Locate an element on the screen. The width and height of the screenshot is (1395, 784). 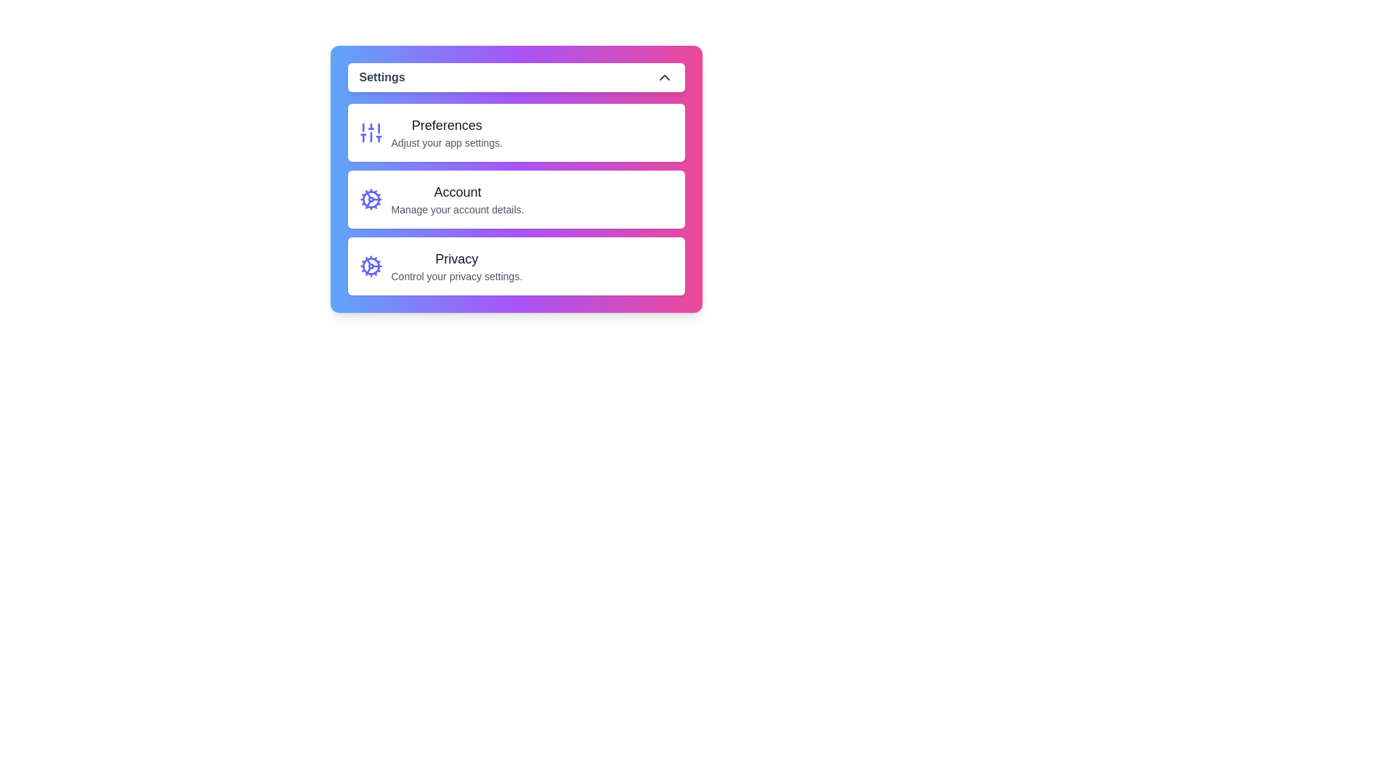
the icon associated with the Privacy option is located at coordinates (371, 266).